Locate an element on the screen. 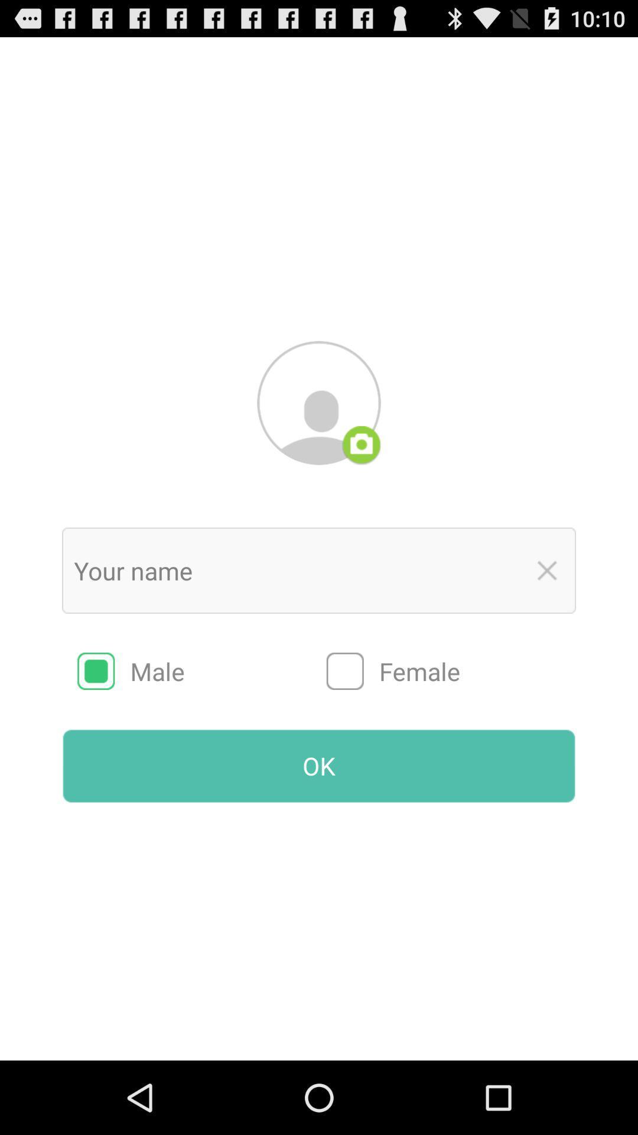 This screenshot has width=638, height=1135. ok at the bottom is located at coordinates (319, 766).